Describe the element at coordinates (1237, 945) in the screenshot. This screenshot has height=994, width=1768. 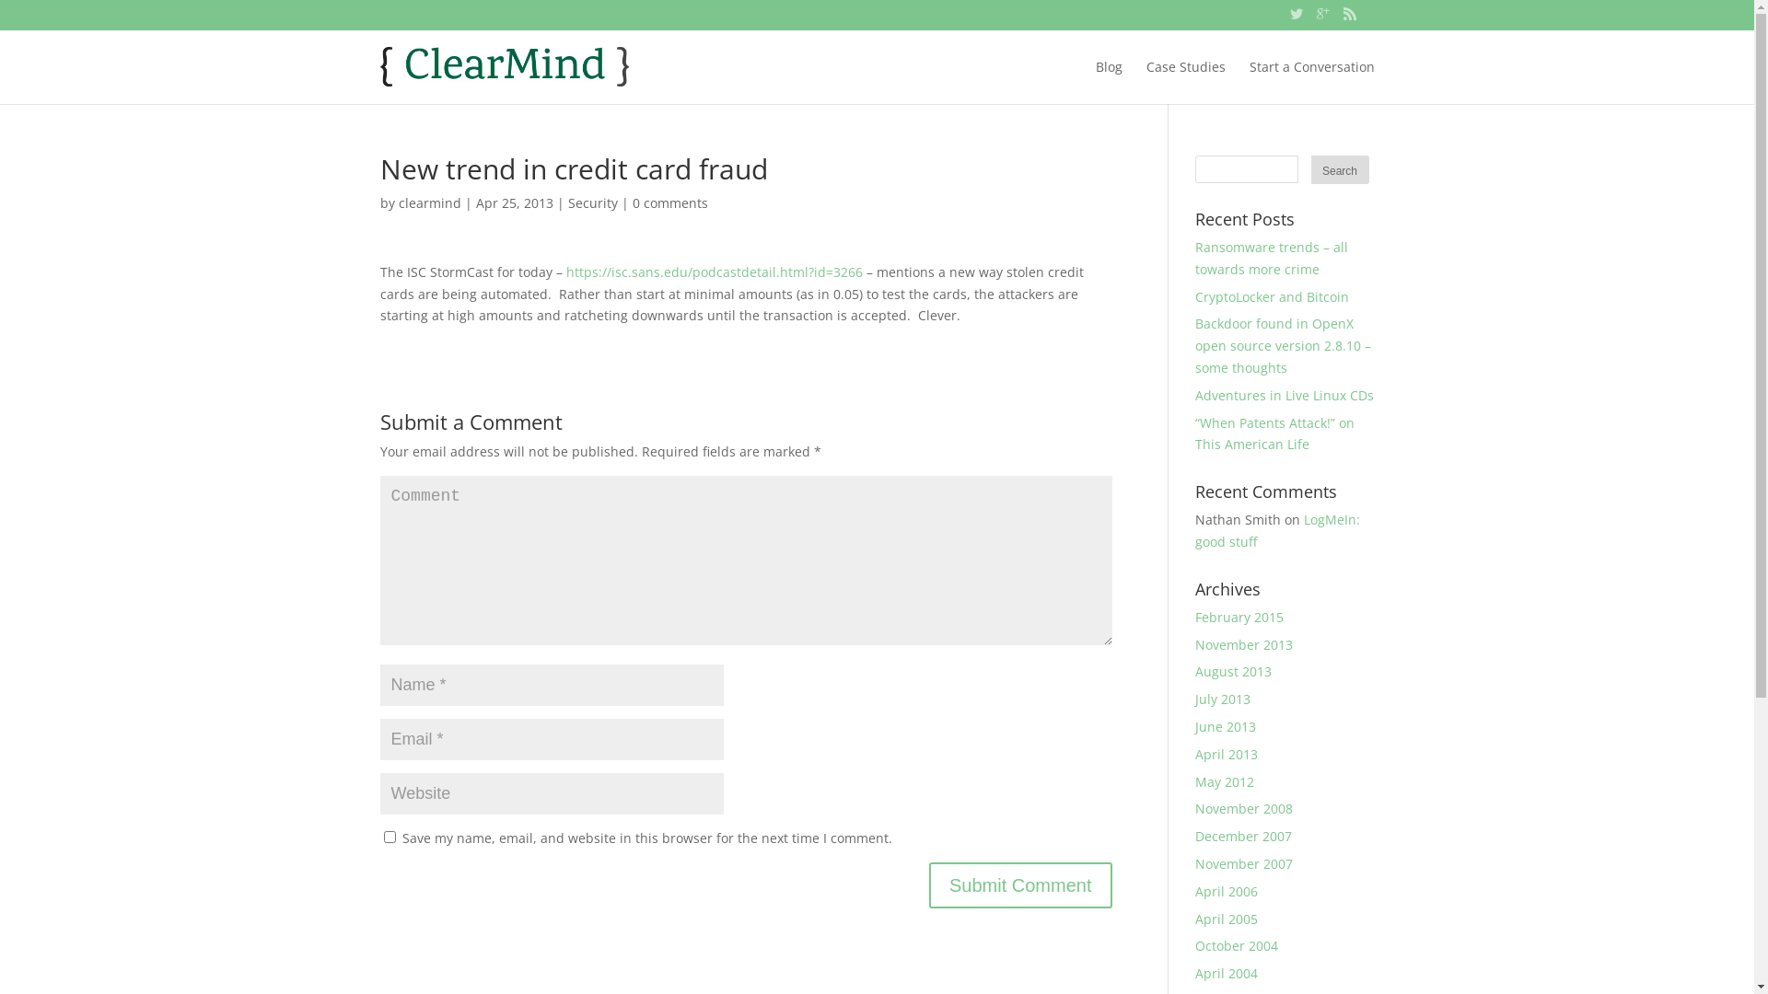
I see `'October 2004'` at that location.